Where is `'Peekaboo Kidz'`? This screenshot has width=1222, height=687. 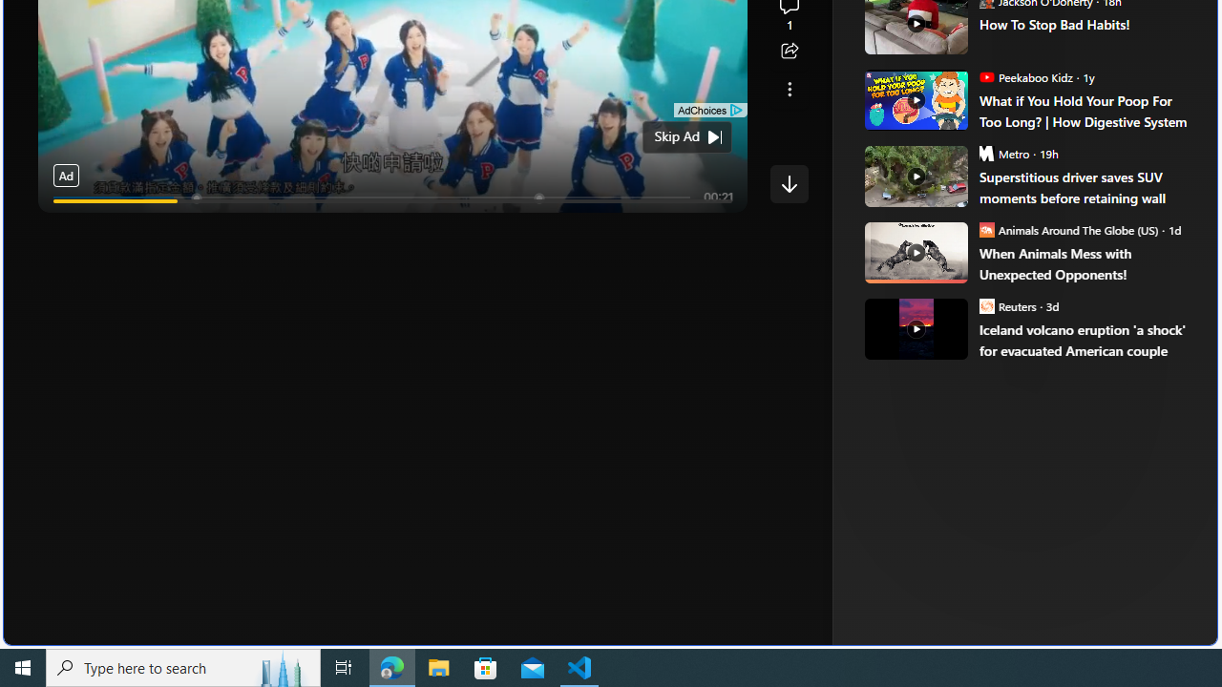 'Peekaboo Kidz' is located at coordinates (986, 75).